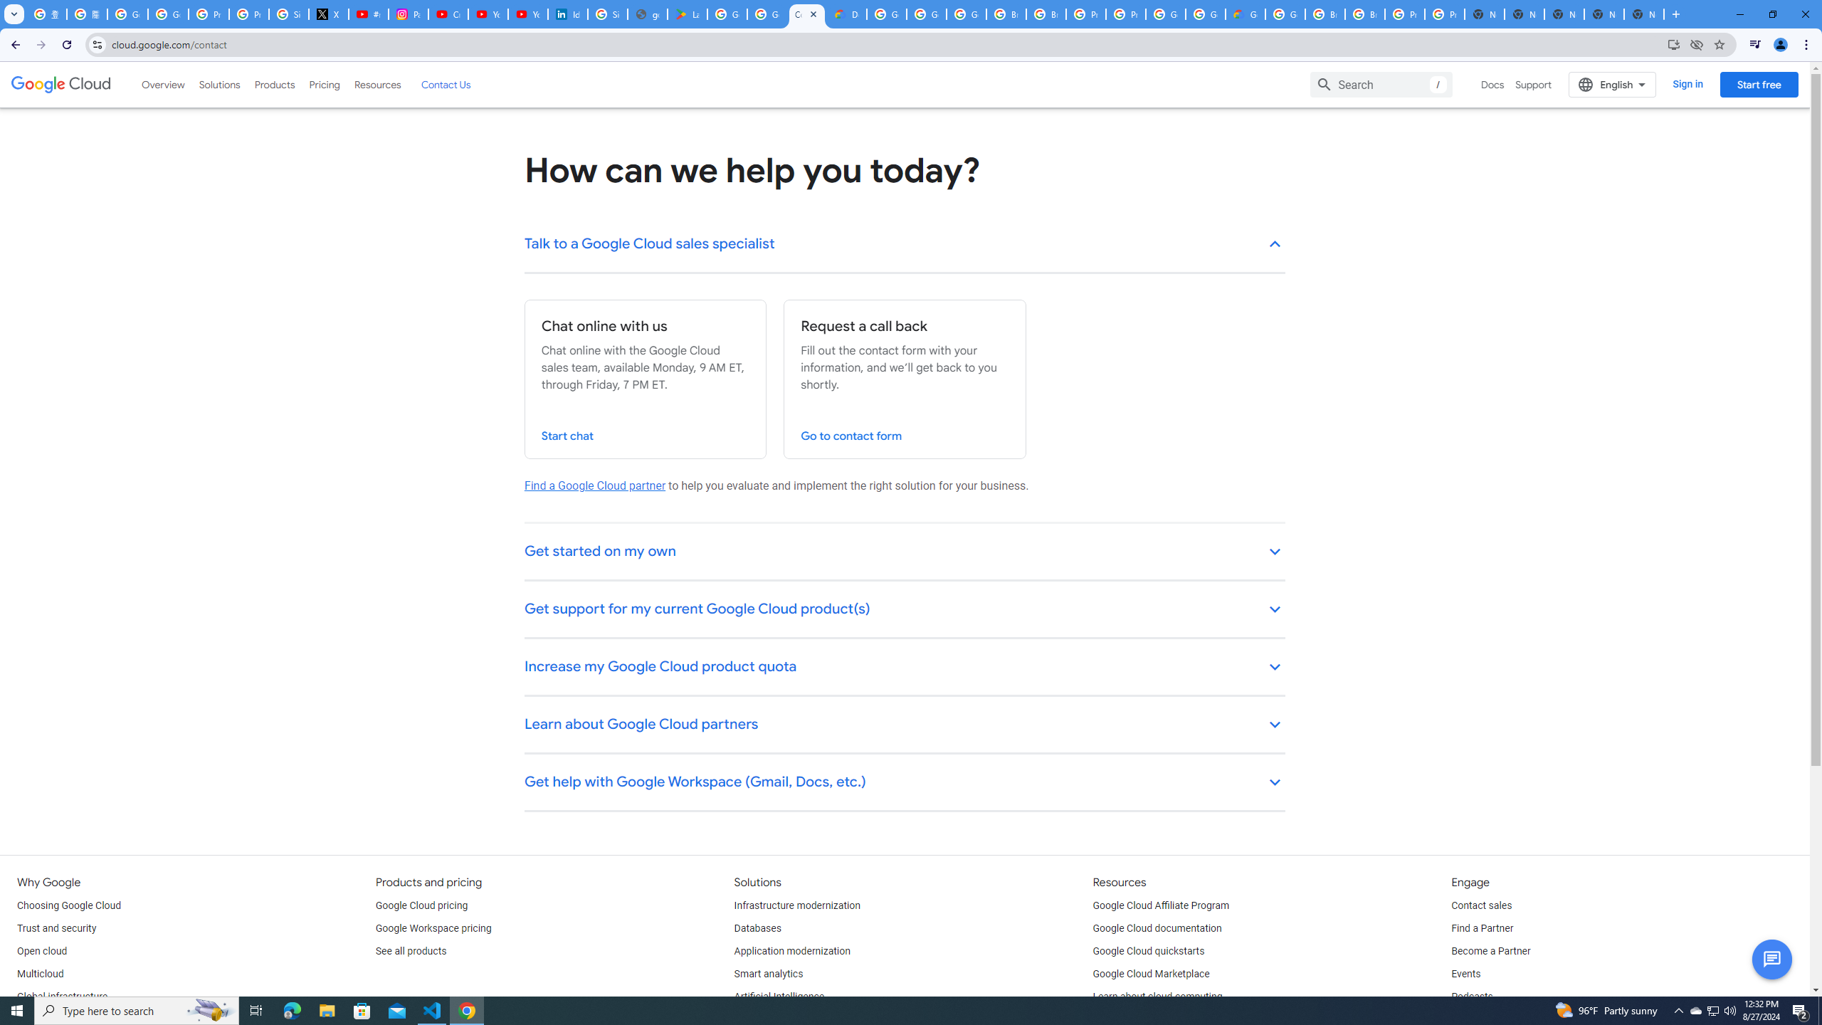 This screenshot has width=1822, height=1025. I want to click on 'English', so click(1612, 84).